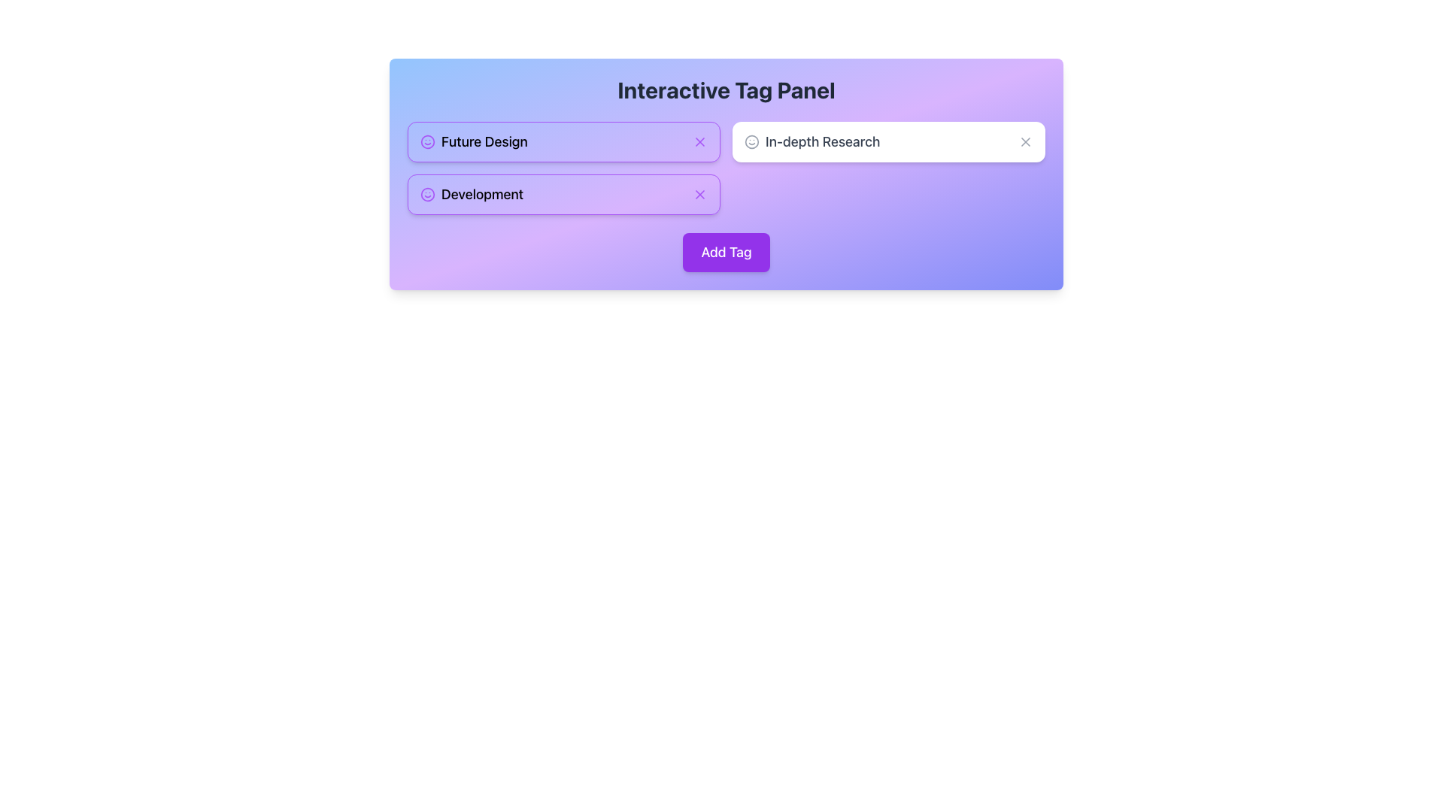  I want to click on the purple smiley face icon located in the top-left corner of the 'Future Design' tag, positioned before the text label, so click(427, 142).